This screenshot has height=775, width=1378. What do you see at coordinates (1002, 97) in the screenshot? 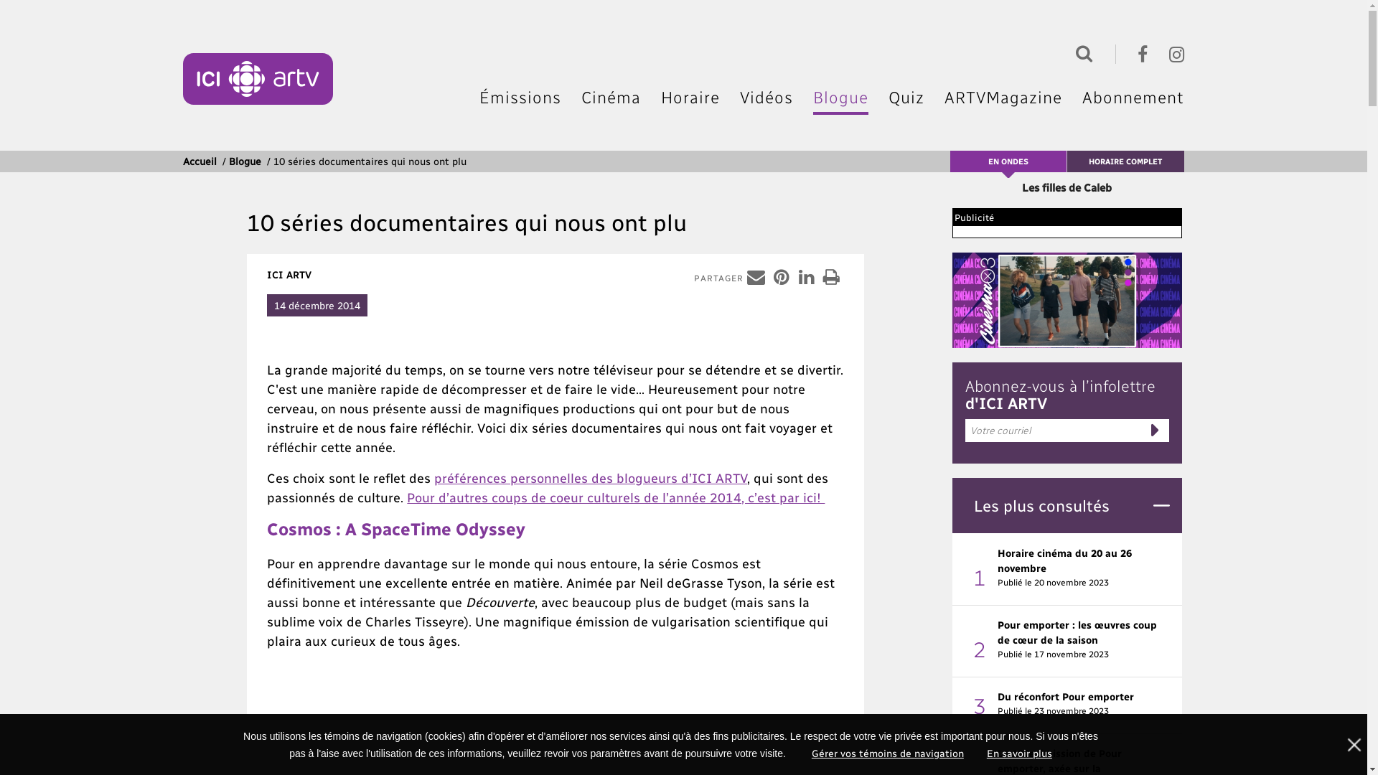
I see `'ARTVMagazine'` at bounding box center [1002, 97].